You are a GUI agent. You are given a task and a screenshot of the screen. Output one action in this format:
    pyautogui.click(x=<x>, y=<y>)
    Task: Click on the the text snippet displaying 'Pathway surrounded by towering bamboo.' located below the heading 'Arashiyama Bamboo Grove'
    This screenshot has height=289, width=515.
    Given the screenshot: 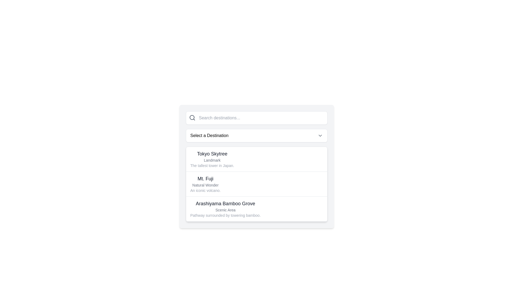 What is the action you would take?
    pyautogui.click(x=225, y=215)
    